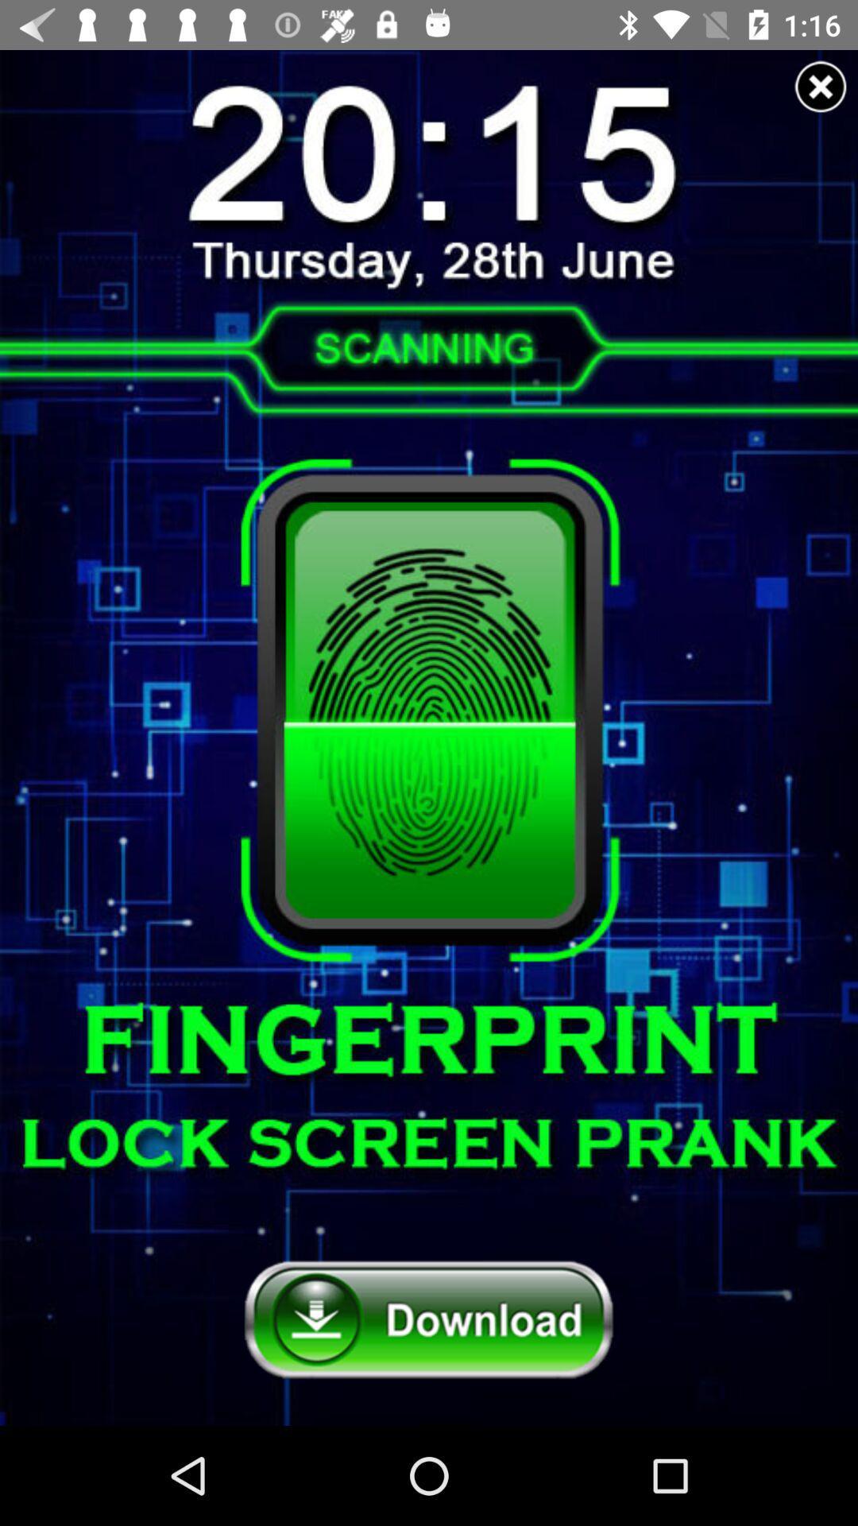  What do you see at coordinates (429, 1320) in the screenshot?
I see `download button` at bounding box center [429, 1320].